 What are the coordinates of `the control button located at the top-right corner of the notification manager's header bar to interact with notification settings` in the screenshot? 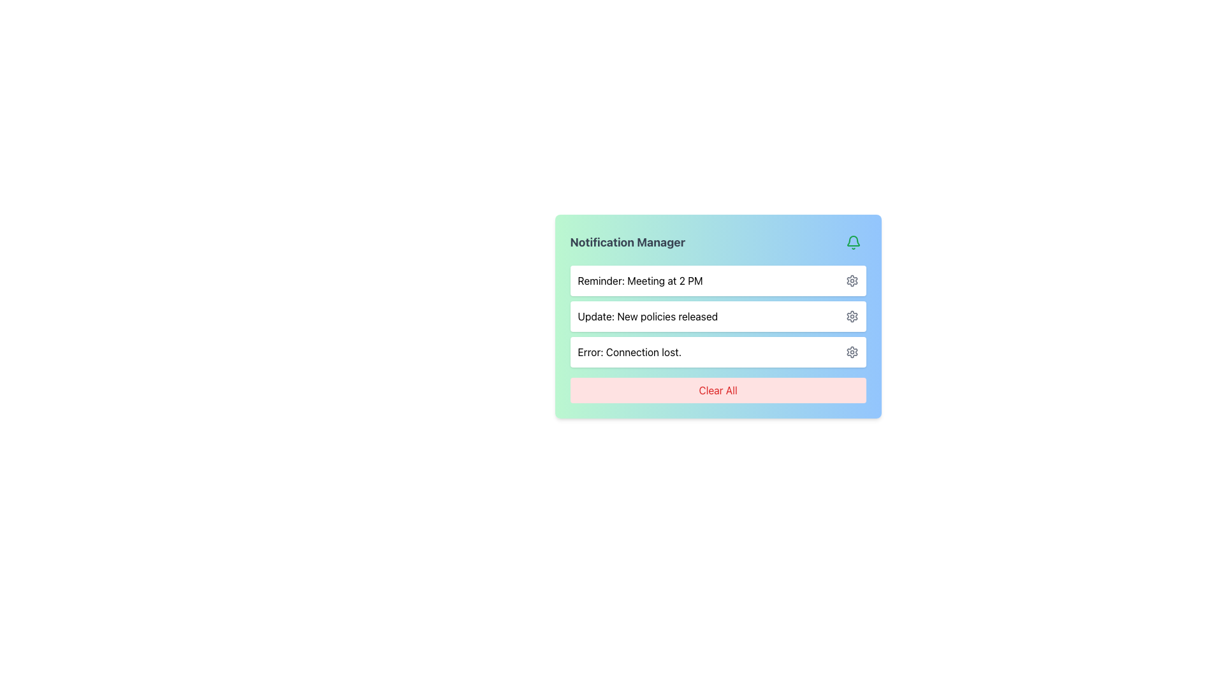 It's located at (853, 243).